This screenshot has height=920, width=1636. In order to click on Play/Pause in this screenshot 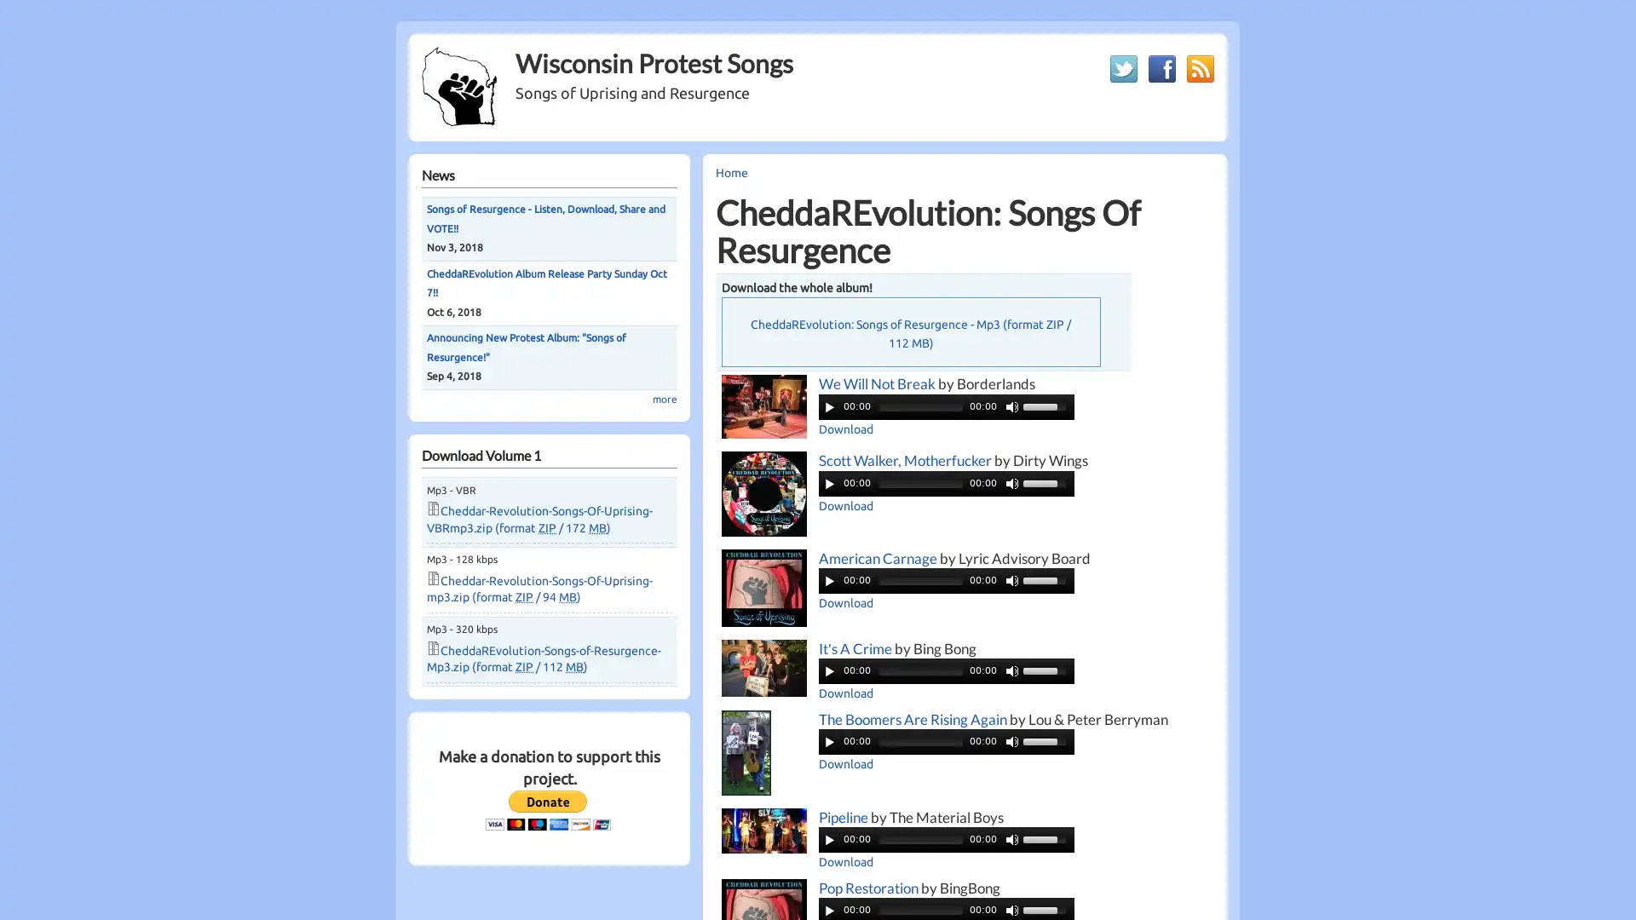, I will do `click(830, 837)`.